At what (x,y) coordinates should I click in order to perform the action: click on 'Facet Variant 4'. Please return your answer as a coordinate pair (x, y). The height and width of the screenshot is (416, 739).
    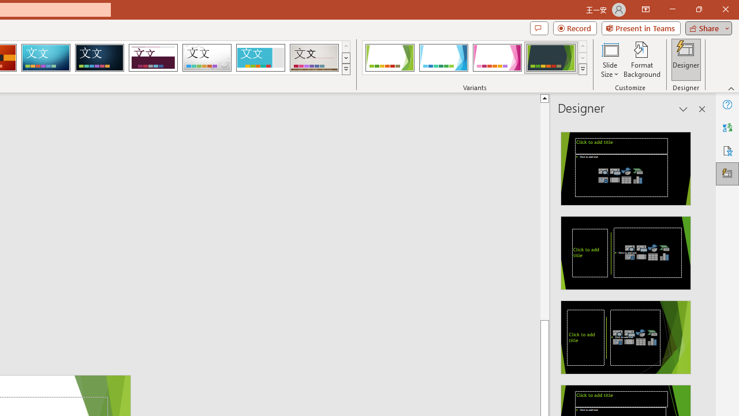
    Looking at the image, I should click on (550, 58).